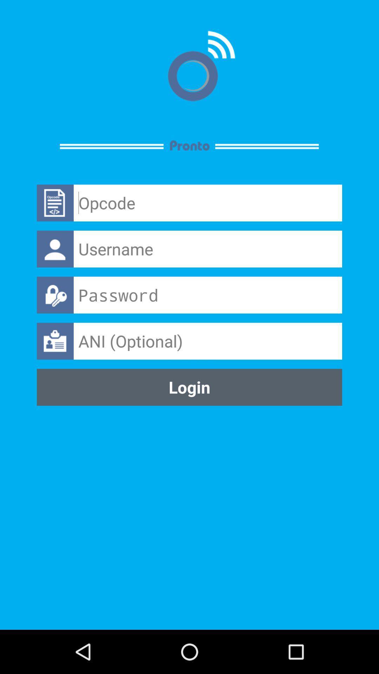 The height and width of the screenshot is (674, 379). Describe the element at coordinates (207, 295) in the screenshot. I see `password` at that location.